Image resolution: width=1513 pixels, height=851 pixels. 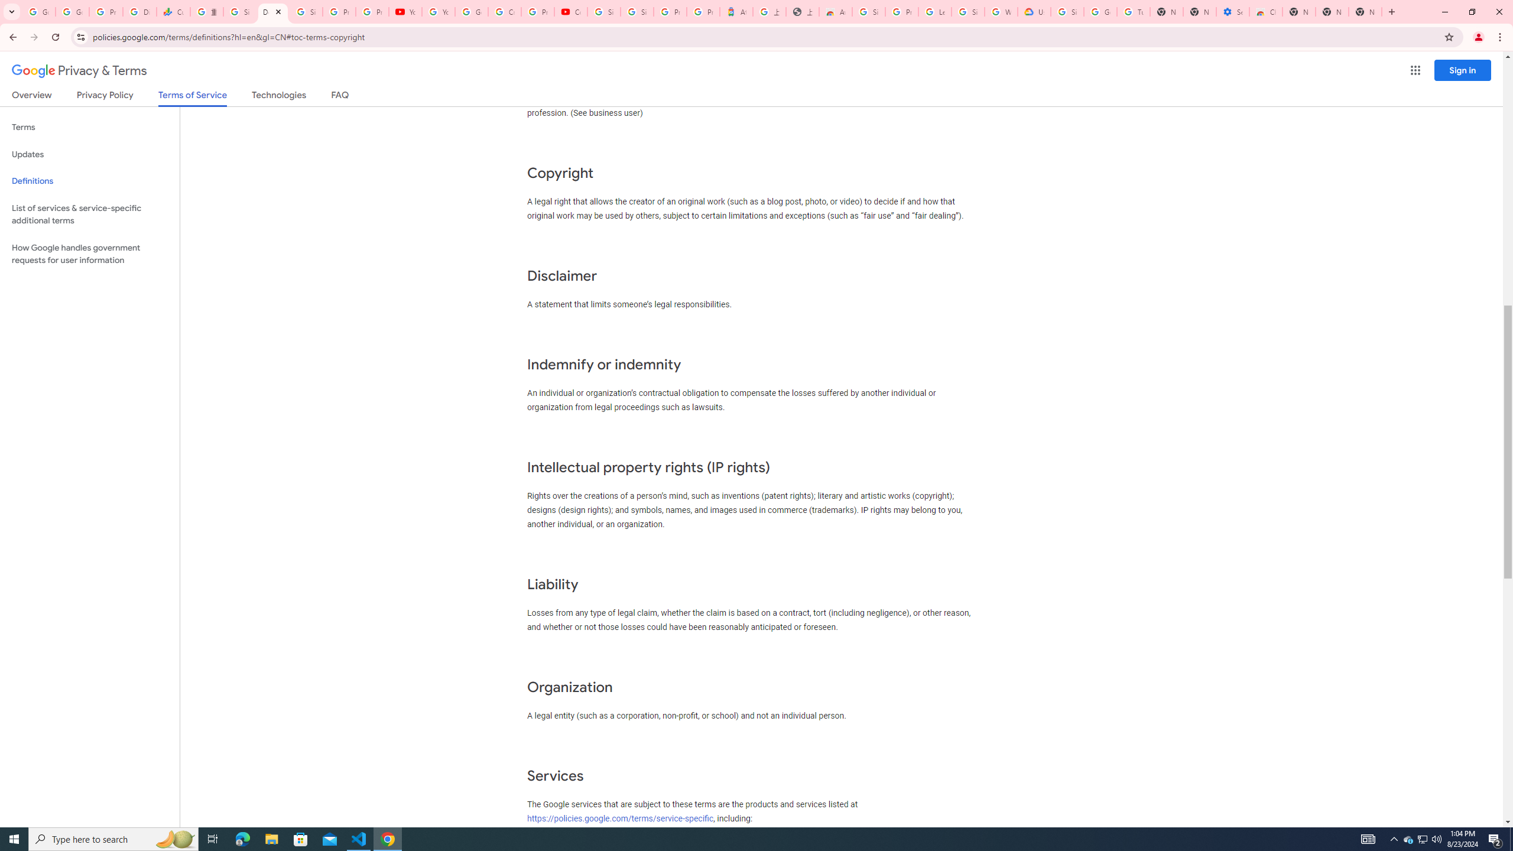 I want to click on 'Sign in - Google Accounts', so click(x=239, y=11).